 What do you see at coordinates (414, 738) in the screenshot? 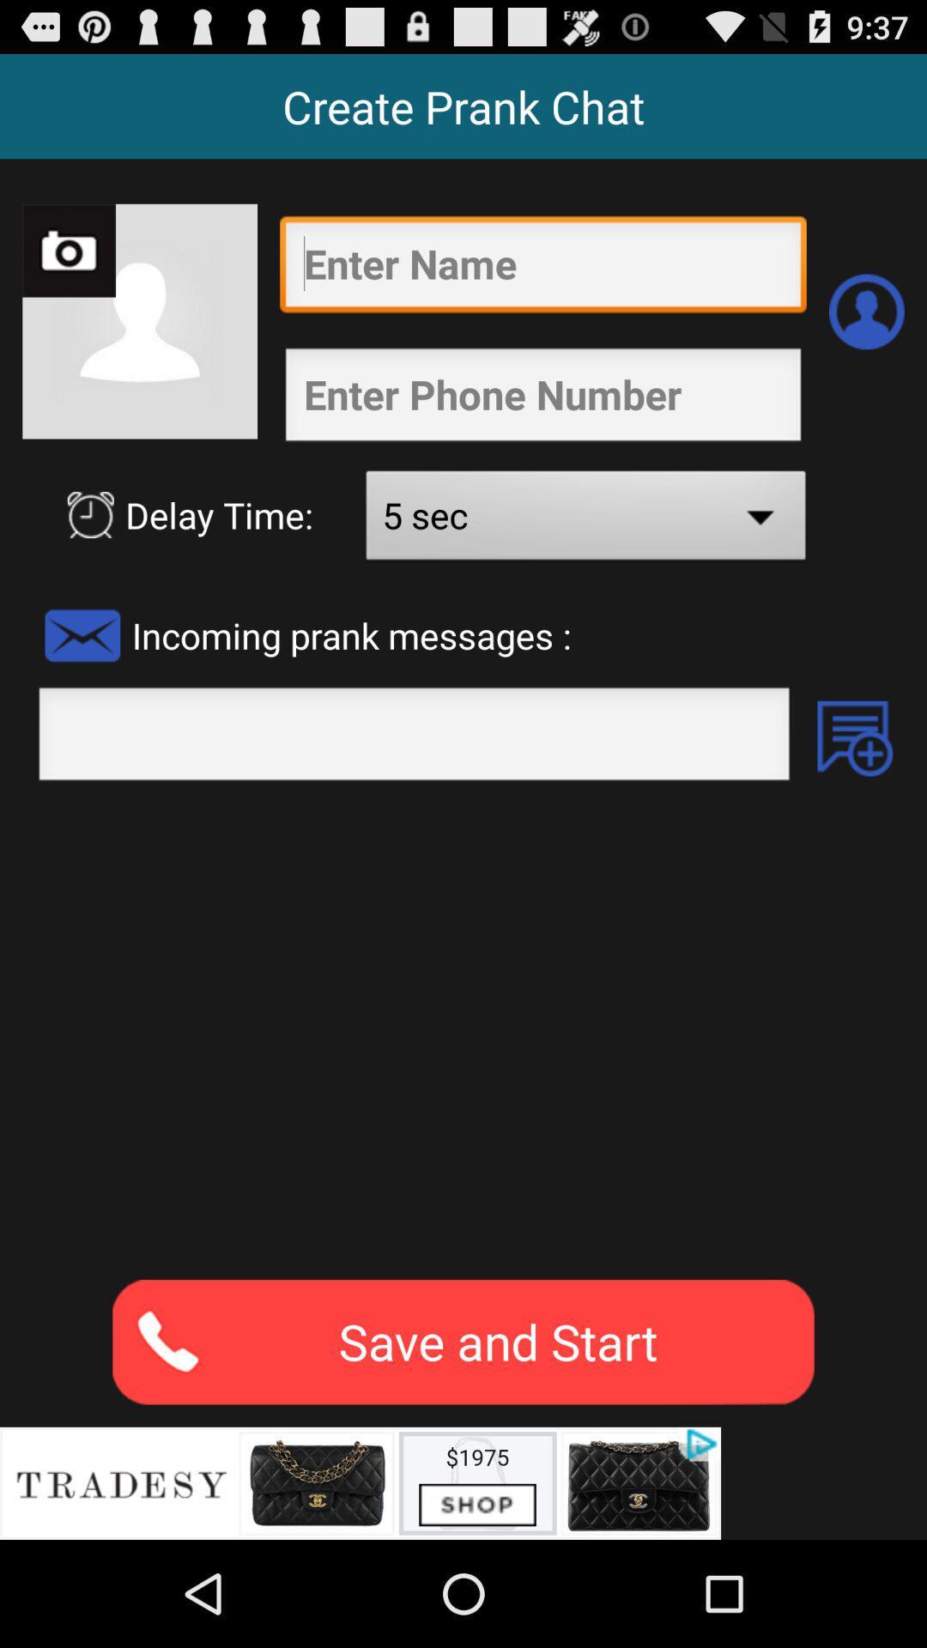
I see `message box` at bounding box center [414, 738].